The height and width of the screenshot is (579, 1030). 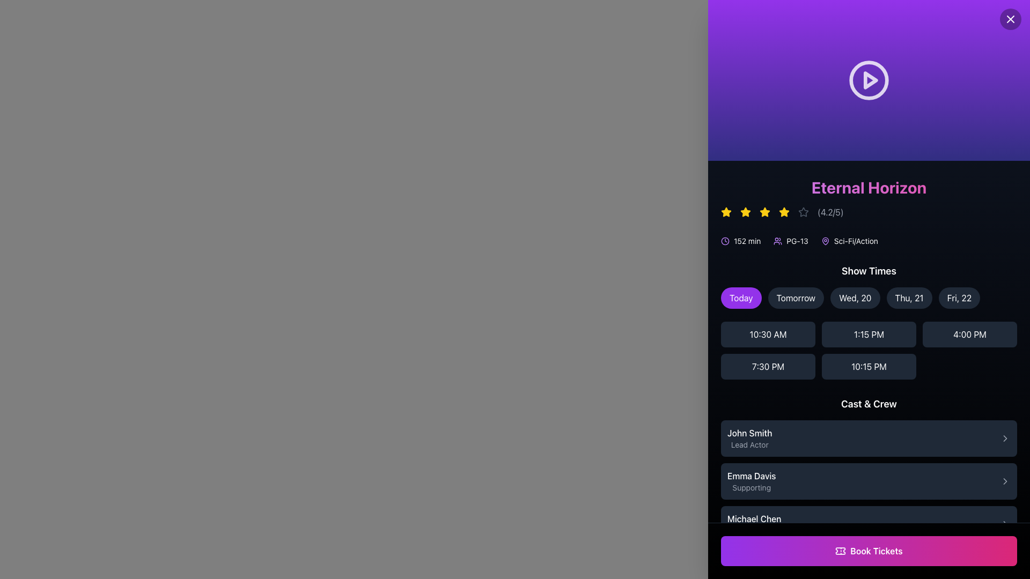 I want to click on the time selection button for '1:15 PM' located in the 'Show Times' section, so click(x=869, y=321).